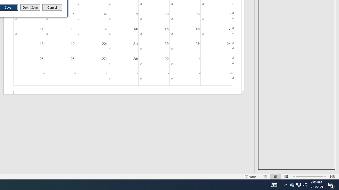  Describe the element at coordinates (52, 7) in the screenshot. I see `'Cancel'` at that location.